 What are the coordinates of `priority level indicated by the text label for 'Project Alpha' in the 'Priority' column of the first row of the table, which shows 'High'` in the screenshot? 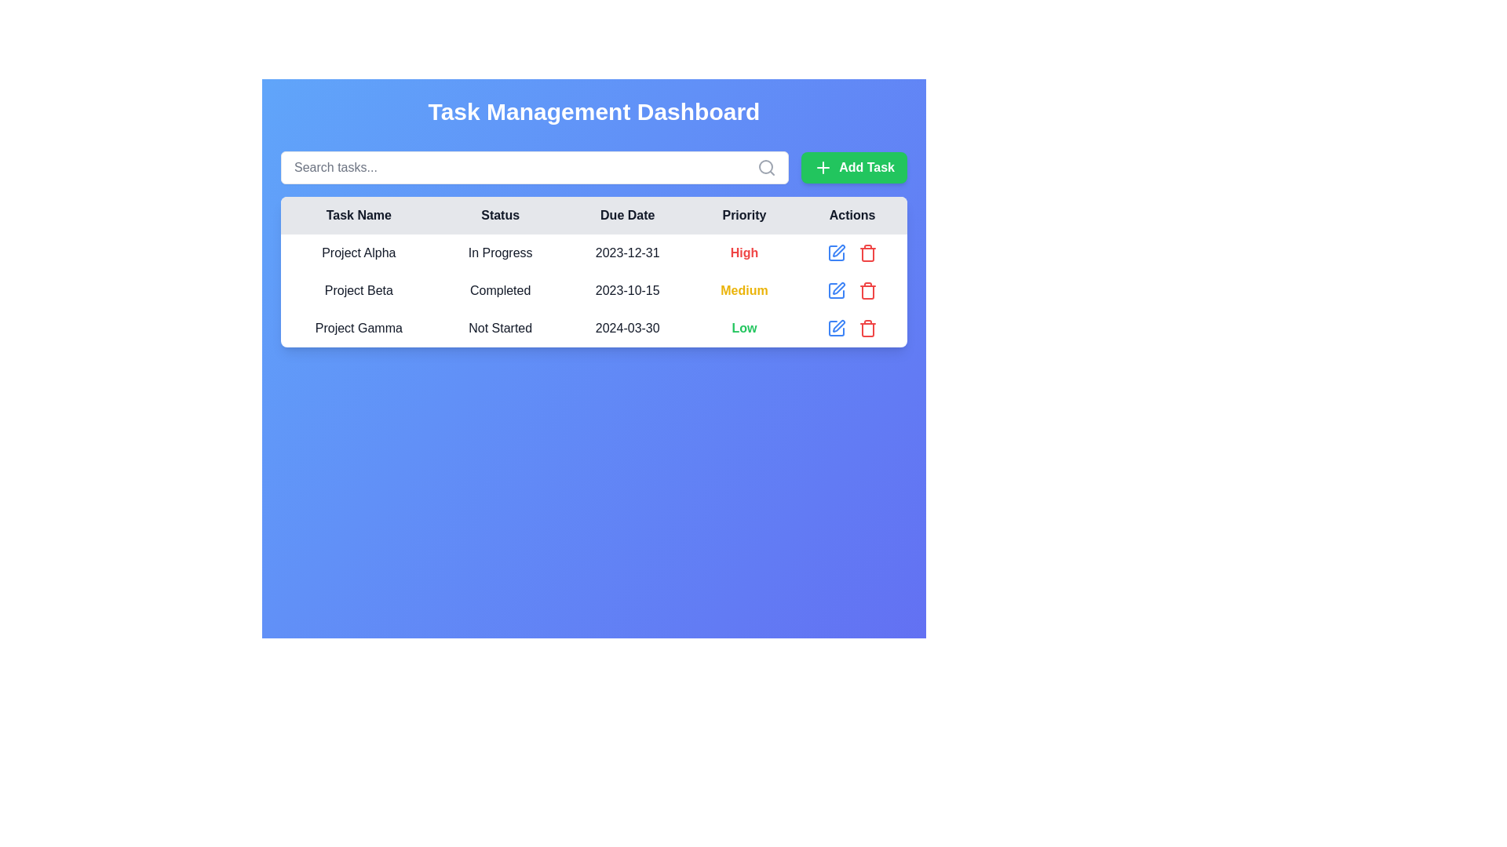 It's located at (743, 253).